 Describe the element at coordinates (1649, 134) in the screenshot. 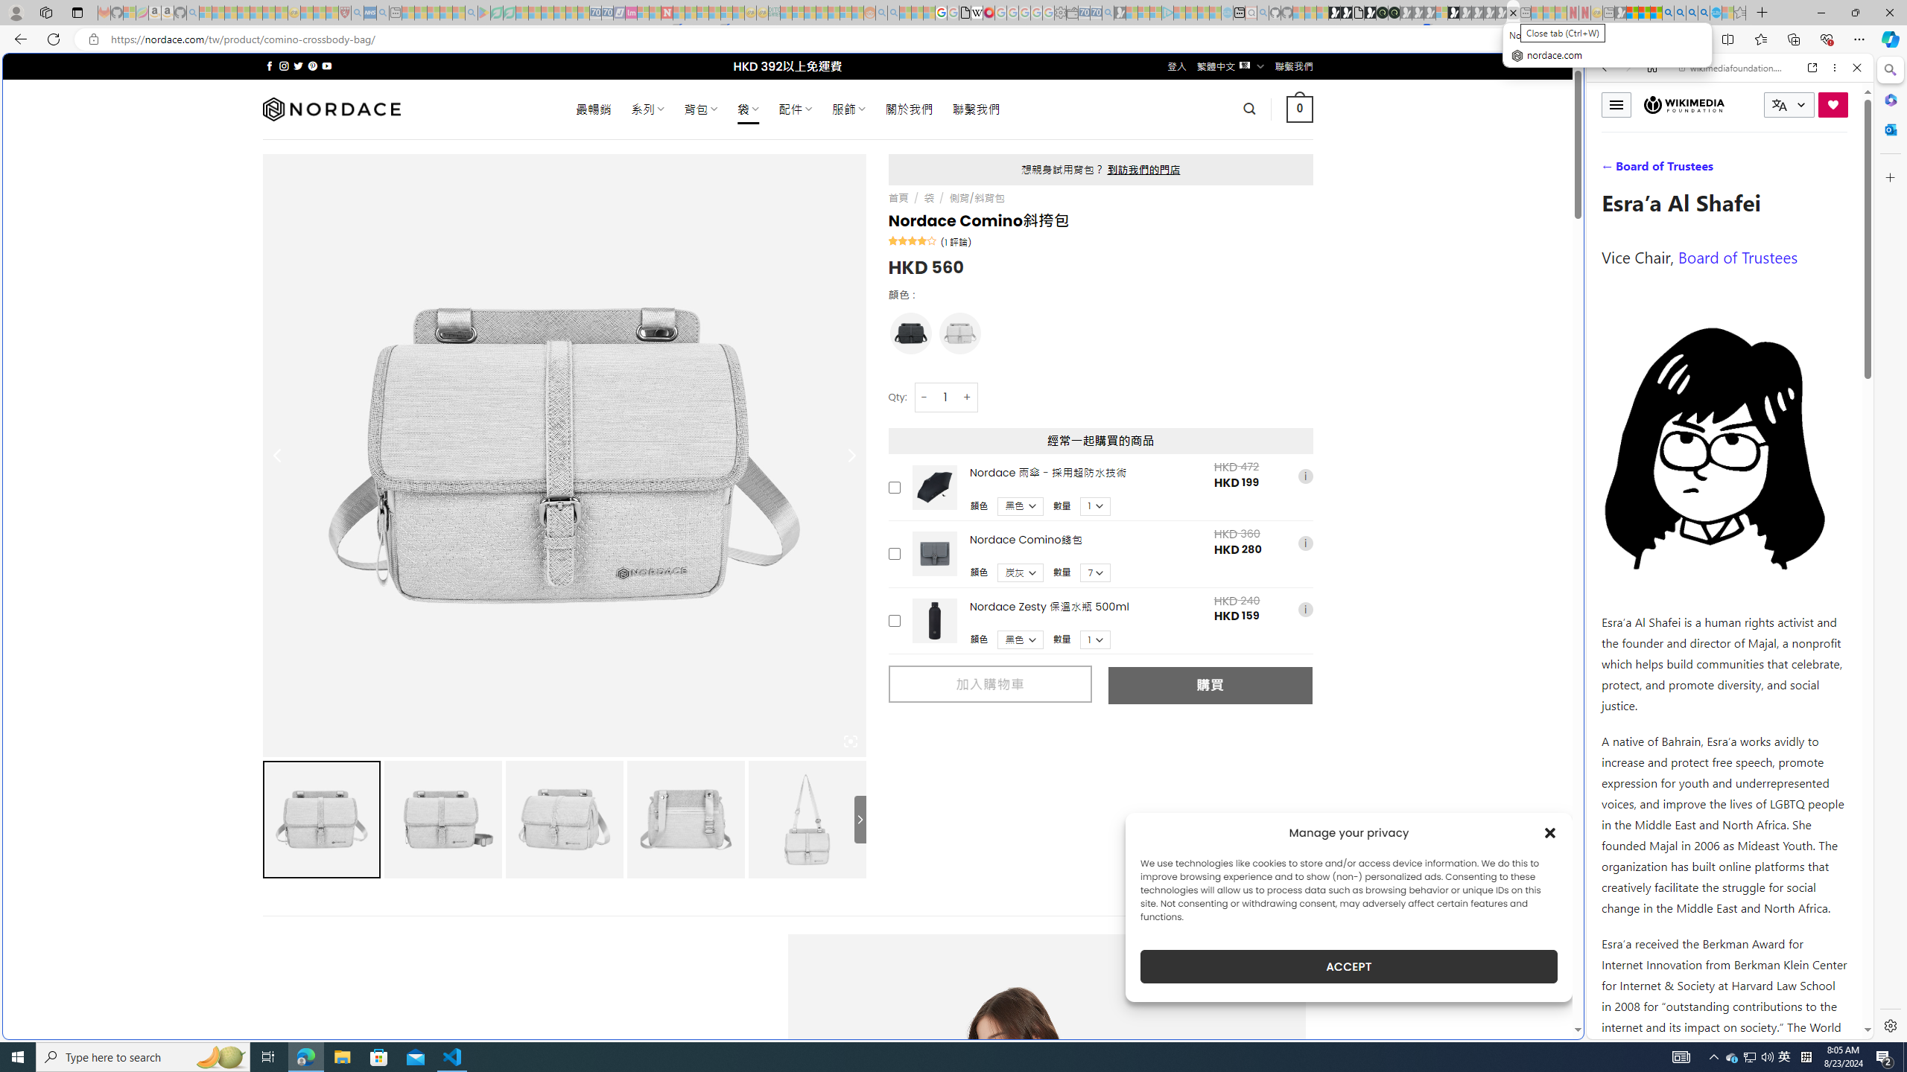

I see `'This site scope'` at that location.